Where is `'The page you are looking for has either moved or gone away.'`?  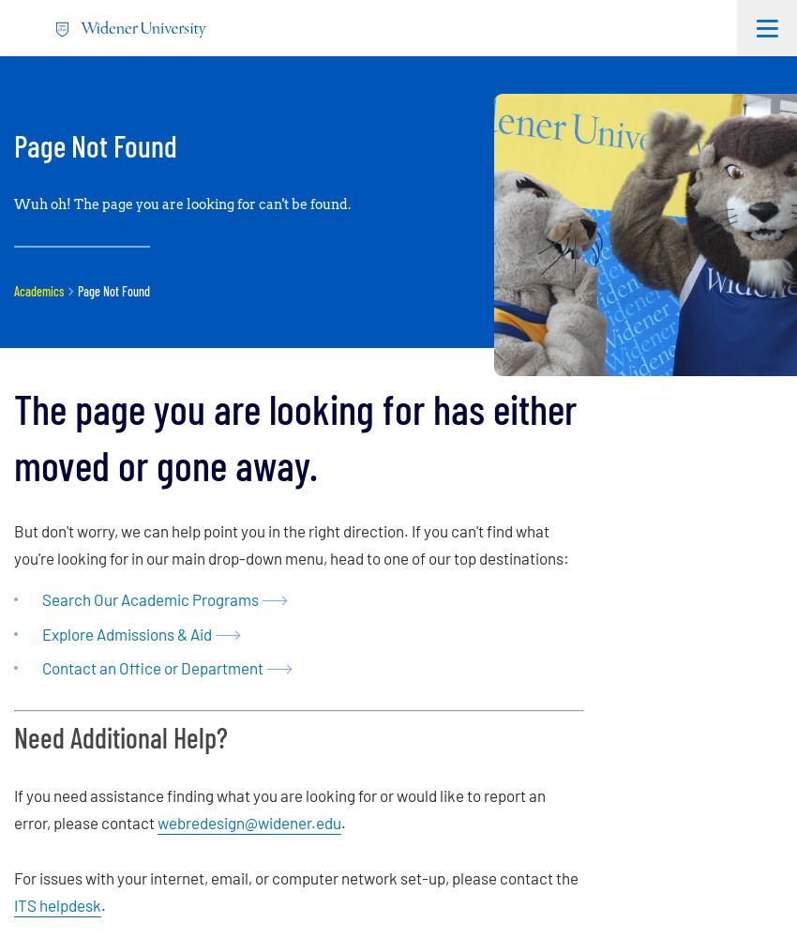 'The page you are looking for has either moved or gone away.' is located at coordinates (295, 434).